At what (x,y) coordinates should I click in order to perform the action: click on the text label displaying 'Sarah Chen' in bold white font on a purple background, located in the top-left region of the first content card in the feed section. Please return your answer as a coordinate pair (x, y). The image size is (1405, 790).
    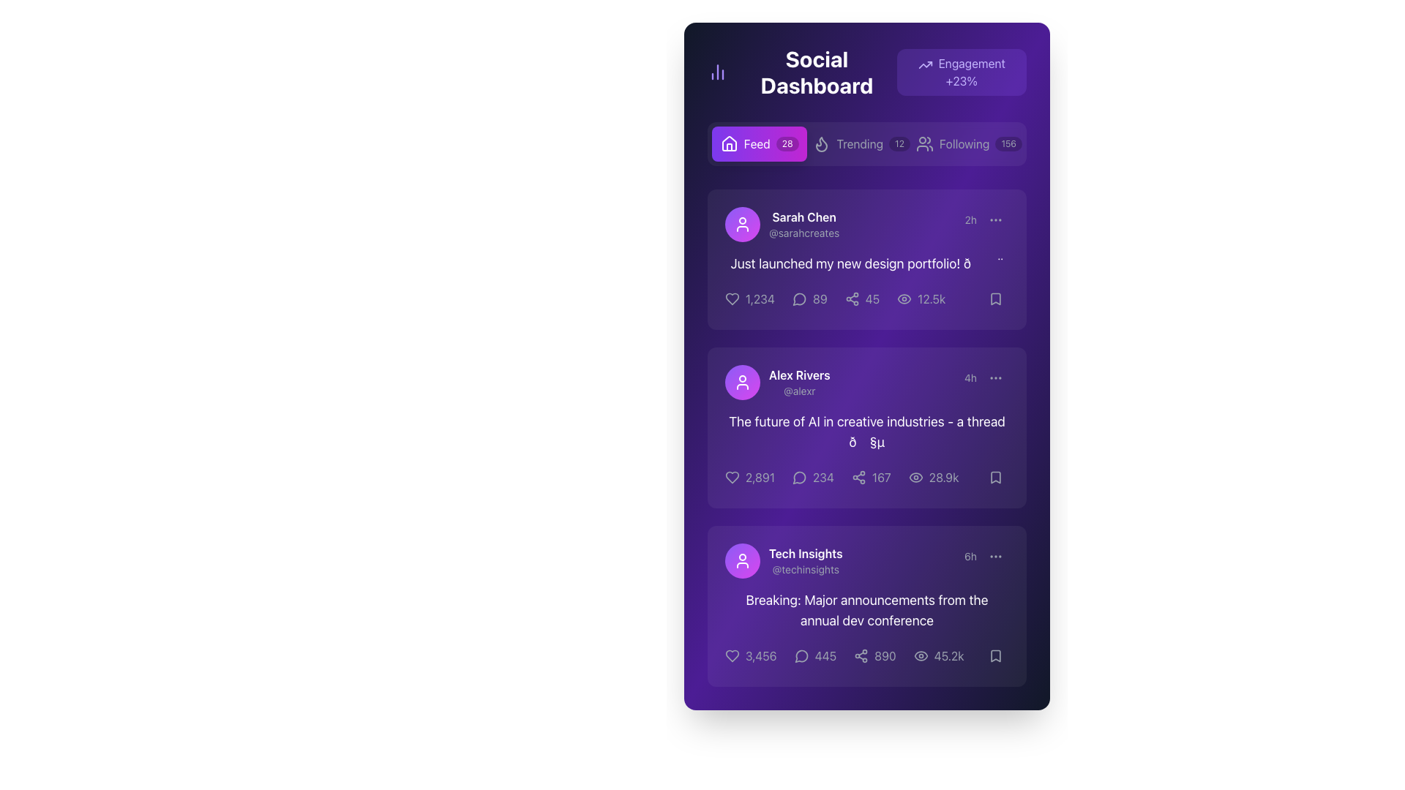
    Looking at the image, I should click on (803, 217).